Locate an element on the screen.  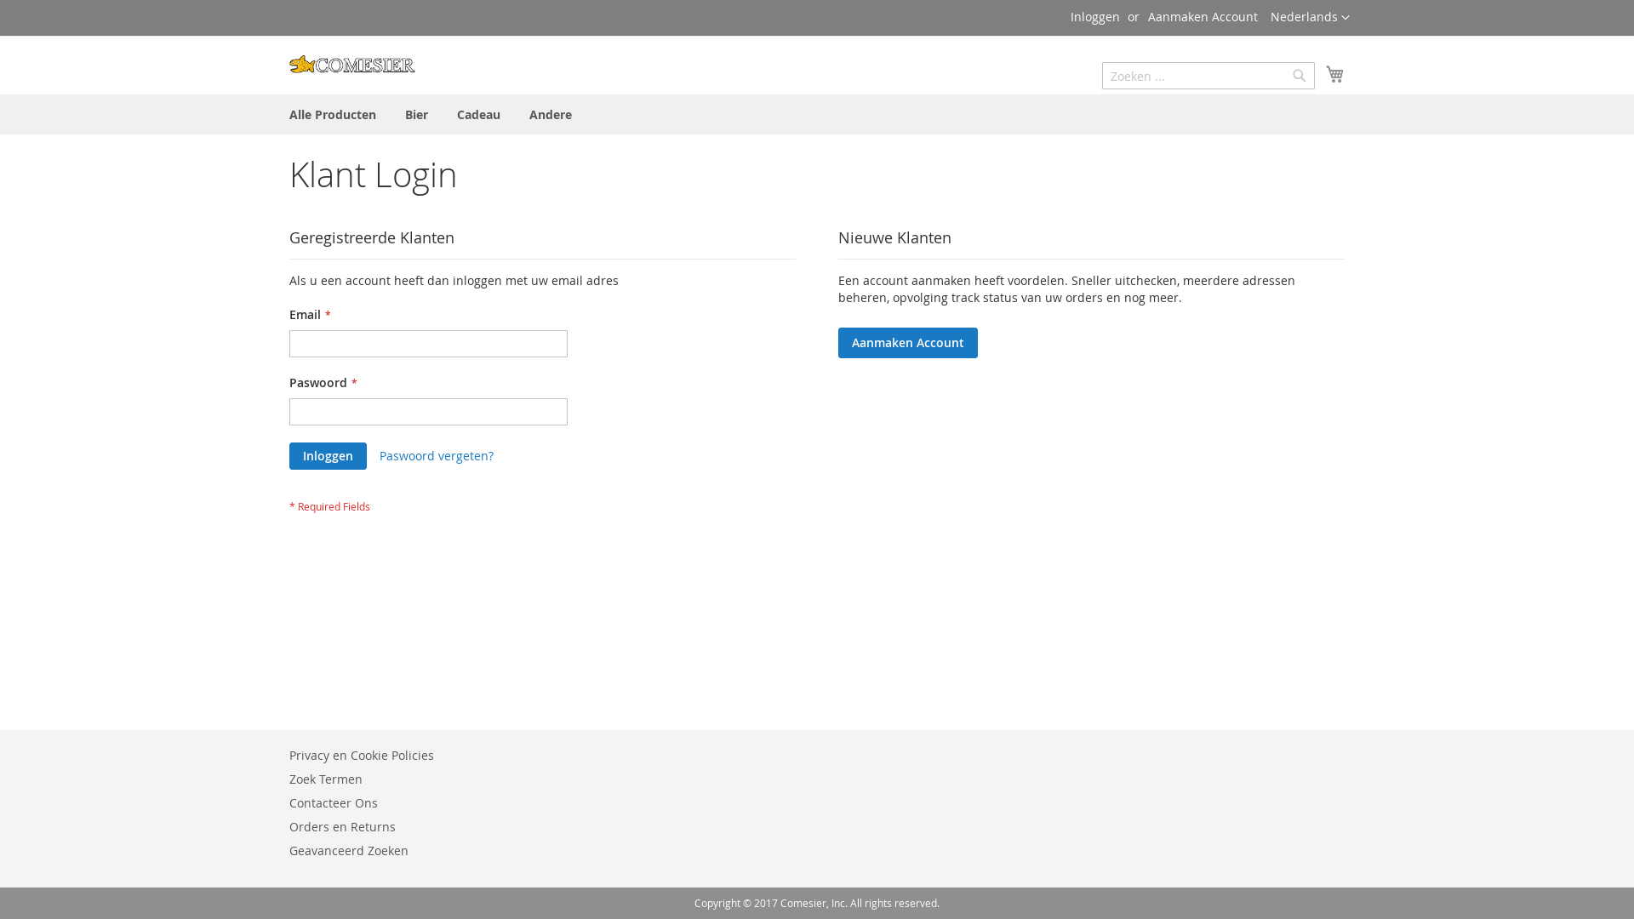
'Andere' is located at coordinates (551, 114).